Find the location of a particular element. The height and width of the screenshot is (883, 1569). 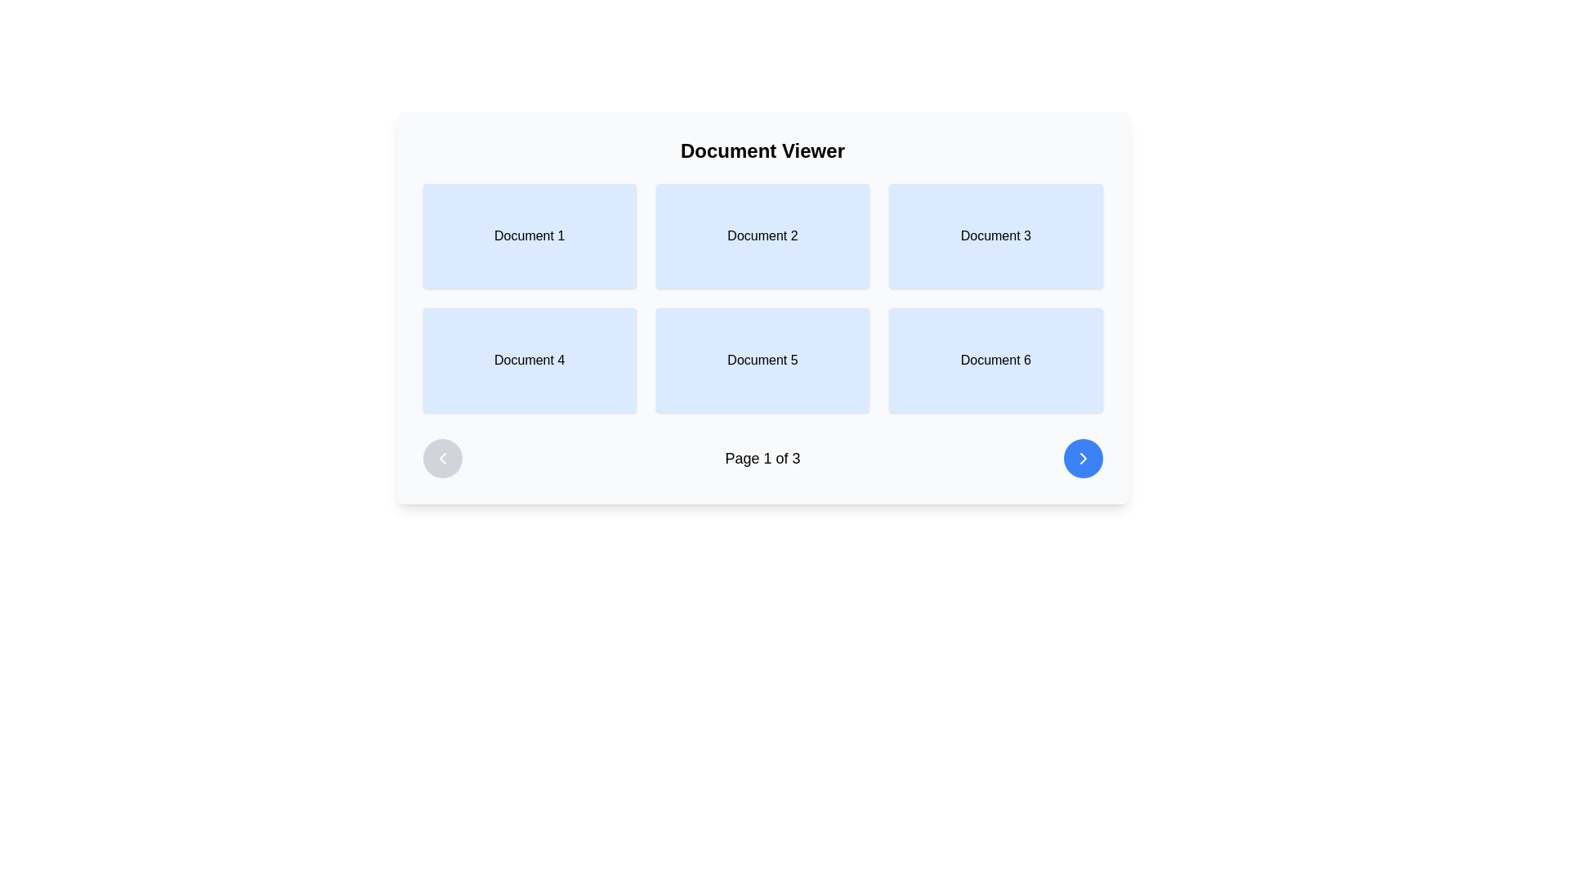

the rounded blue button with a white chevron pointing to the right is located at coordinates (1083, 458).